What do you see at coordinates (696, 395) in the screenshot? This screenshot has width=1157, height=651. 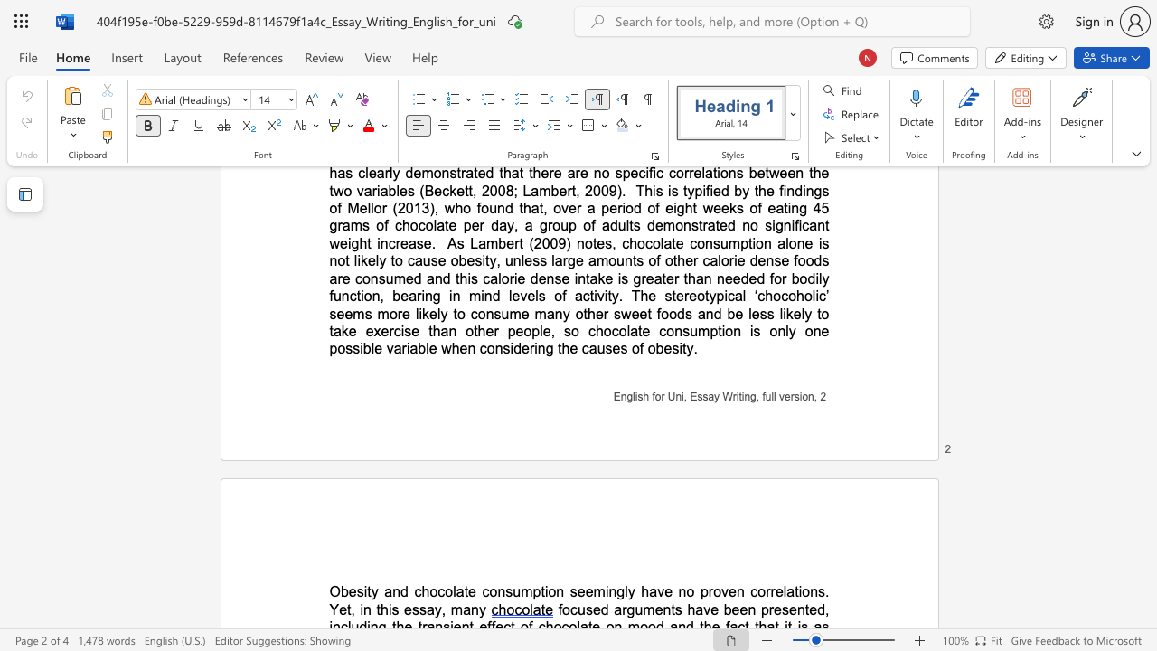 I see `the subset text "ssay" within the text "English for Uni, Essay Writing, full version,"` at bounding box center [696, 395].